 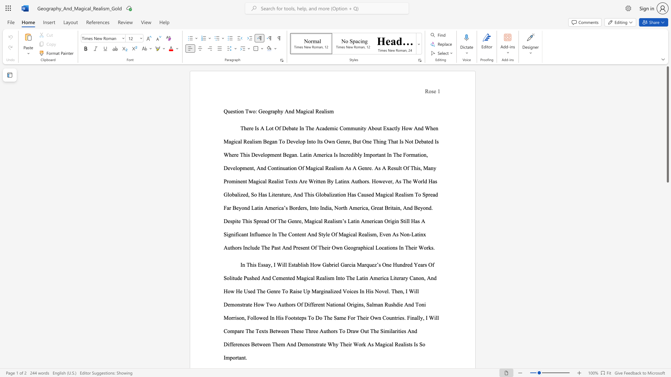 I want to click on the scrollbar on the right to move the page downward, so click(x=667, y=188).